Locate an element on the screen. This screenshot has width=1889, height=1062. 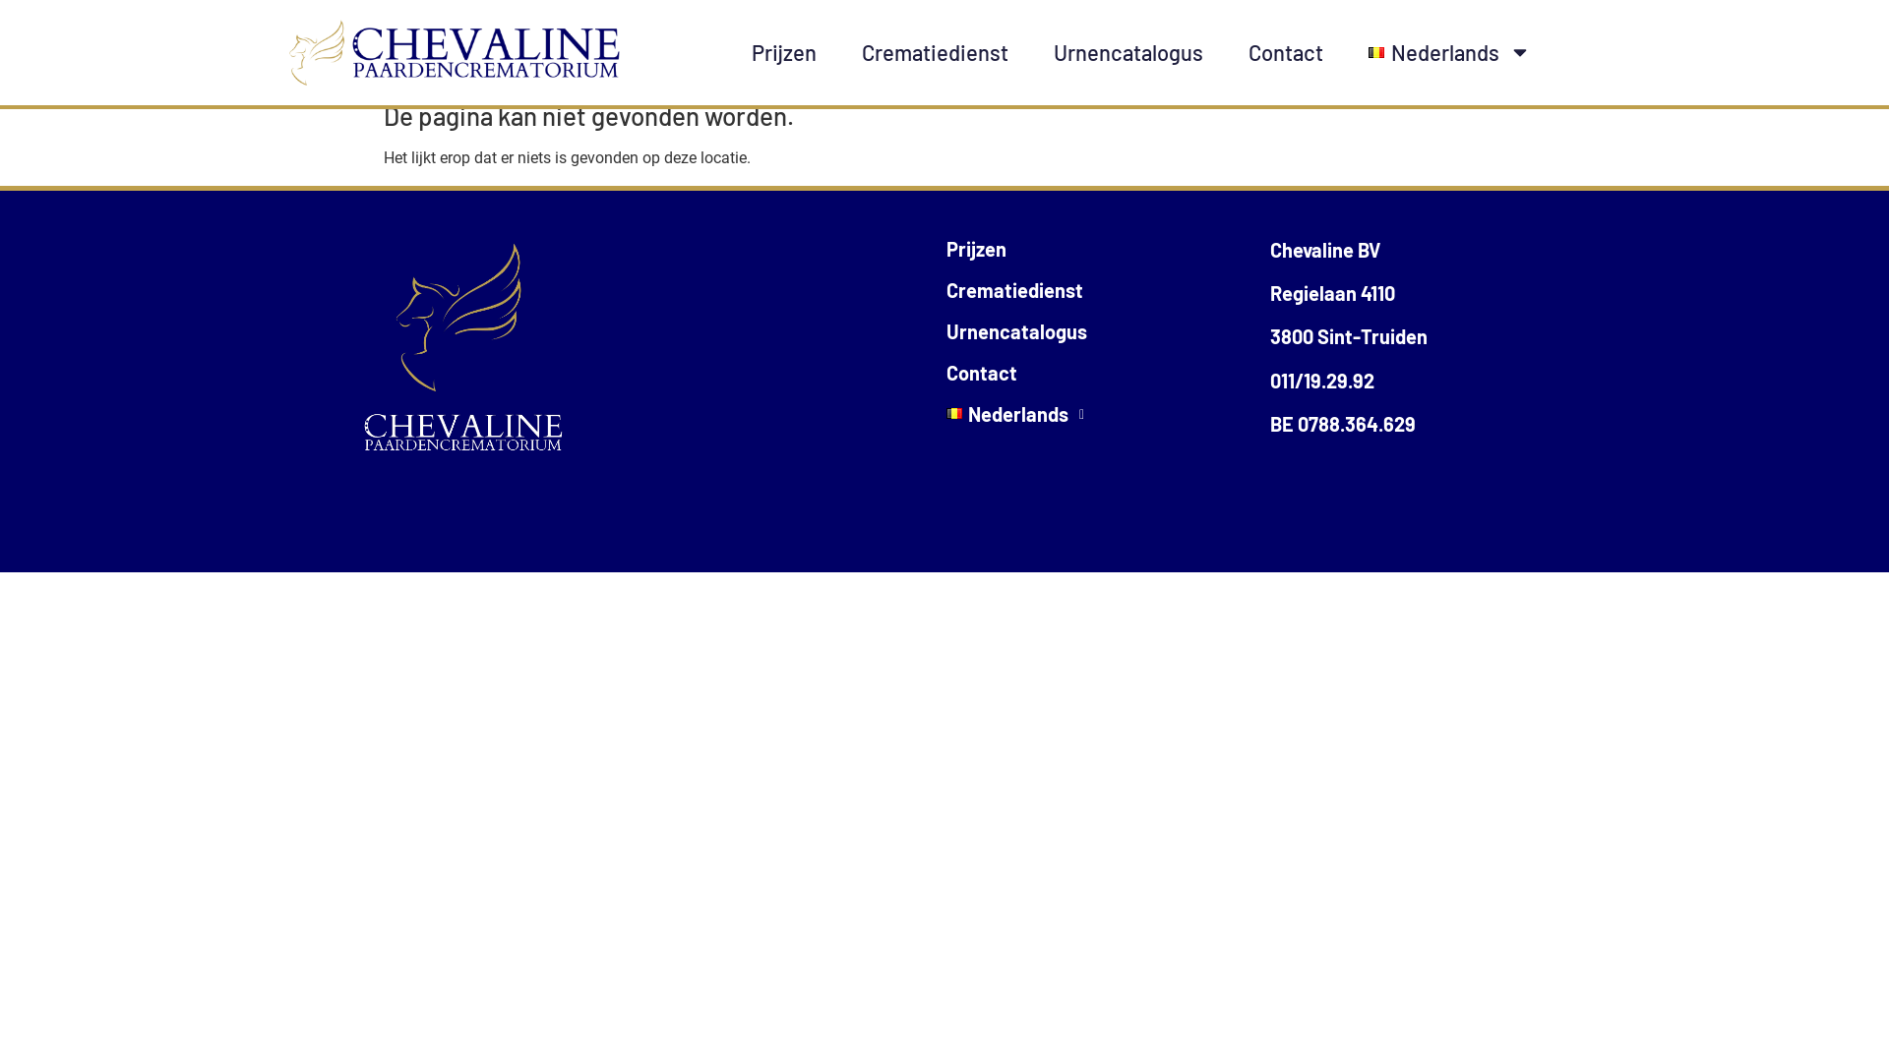
'Contact' is located at coordinates (1227, 51).